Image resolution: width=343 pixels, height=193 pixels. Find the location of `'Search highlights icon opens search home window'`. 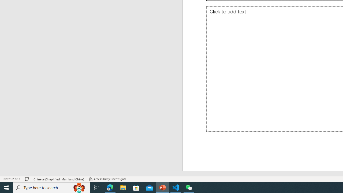

'Search highlights icon opens search home window' is located at coordinates (79, 187).